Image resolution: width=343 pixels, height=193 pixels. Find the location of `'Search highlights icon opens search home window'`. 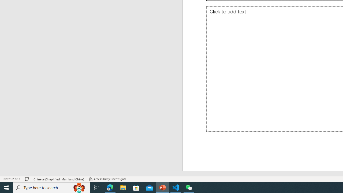

'Search highlights icon opens search home window' is located at coordinates (79, 187).